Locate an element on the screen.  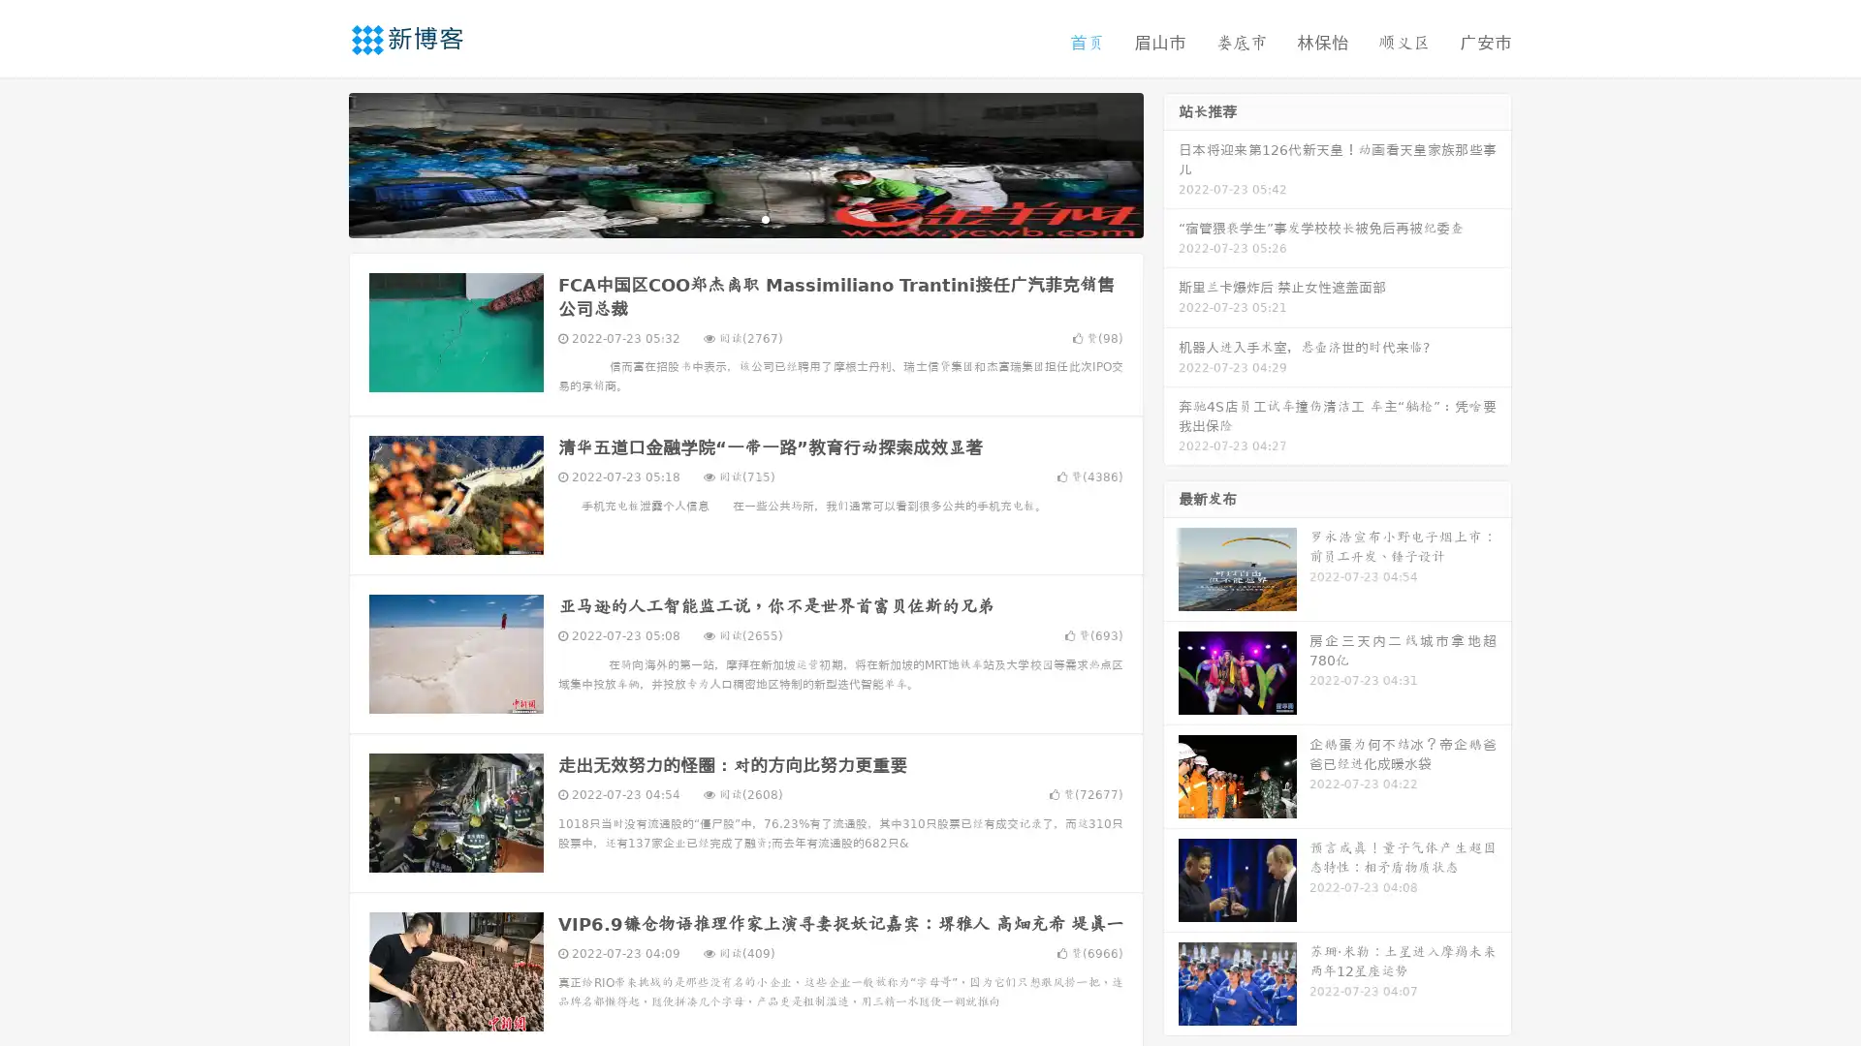
Go to slide 3 is located at coordinates (765, 218).